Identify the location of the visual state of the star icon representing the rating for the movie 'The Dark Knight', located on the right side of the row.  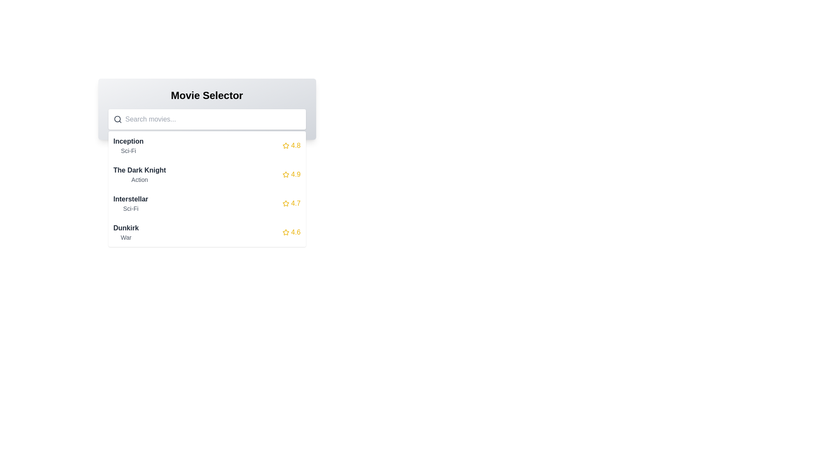
(286, 174).